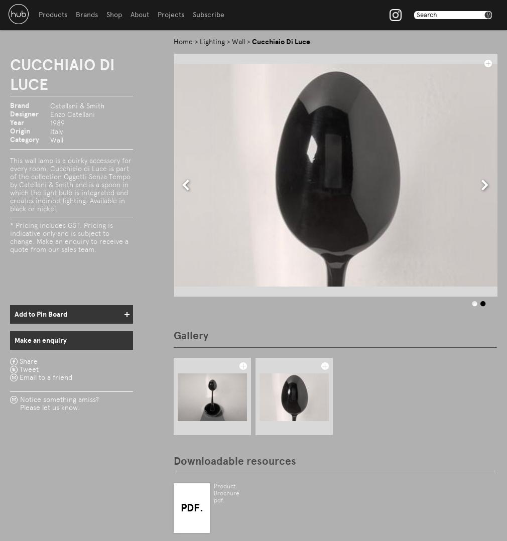  I want to click on 'About', so click(140, 14).